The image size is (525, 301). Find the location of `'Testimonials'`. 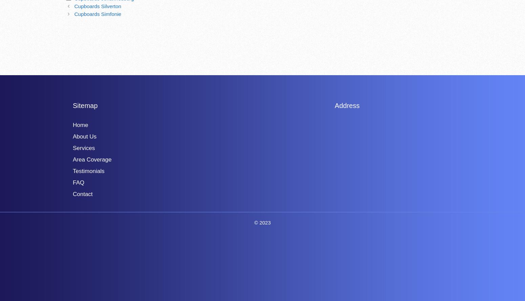

'Testimonials' is located at coordinates (72, 170).